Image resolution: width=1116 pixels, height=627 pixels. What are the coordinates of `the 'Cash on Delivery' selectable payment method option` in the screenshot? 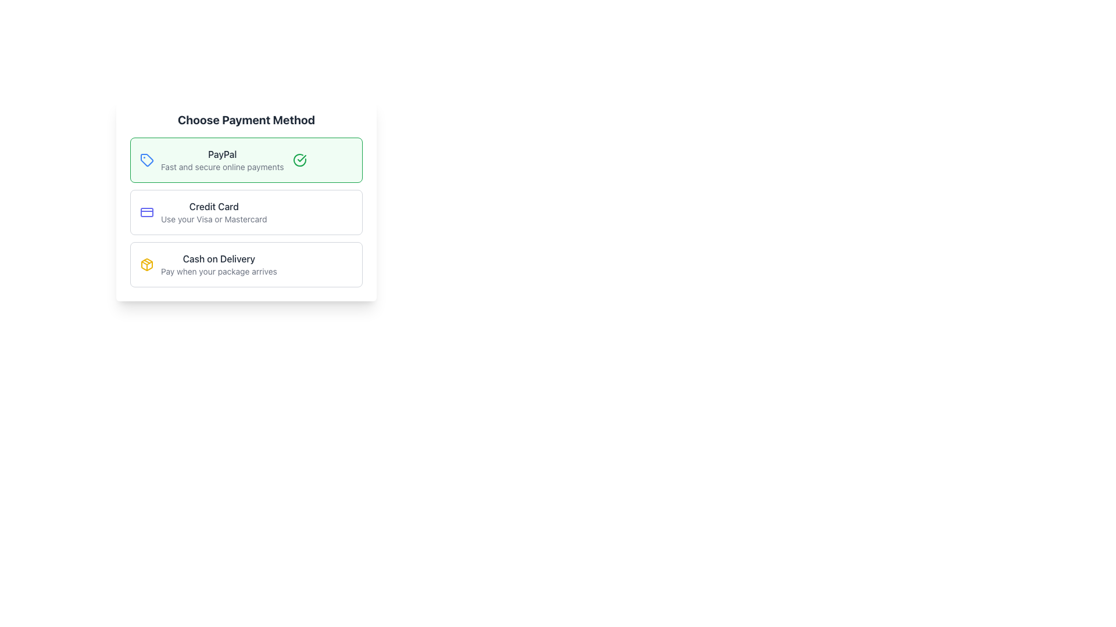 It's located at (208, 264).